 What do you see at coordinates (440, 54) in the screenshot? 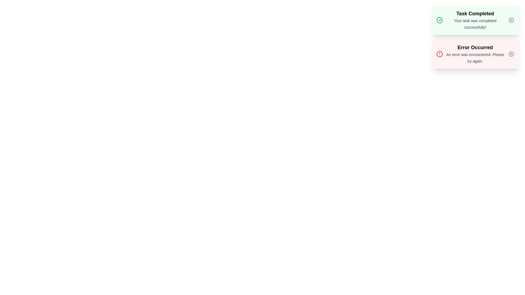
I see `the small red circular alert icon located on the left side of the notification box with a red background, which contains the title 'Error Occurred'` at bounding box center [440, 54].